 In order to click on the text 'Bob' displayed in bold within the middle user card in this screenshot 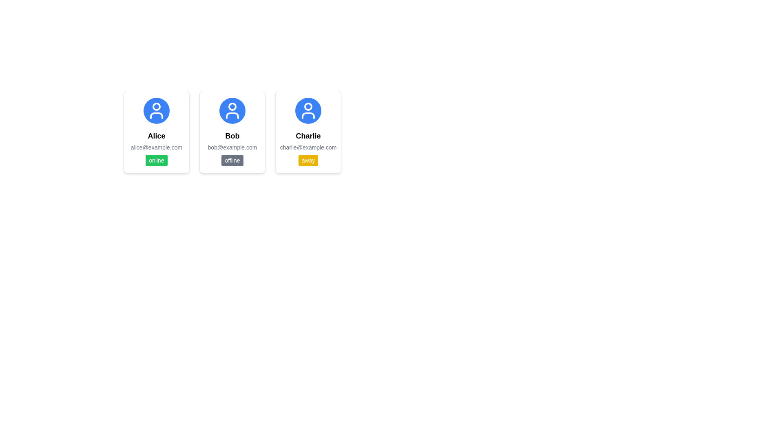, I will do `click(232, 136)`.